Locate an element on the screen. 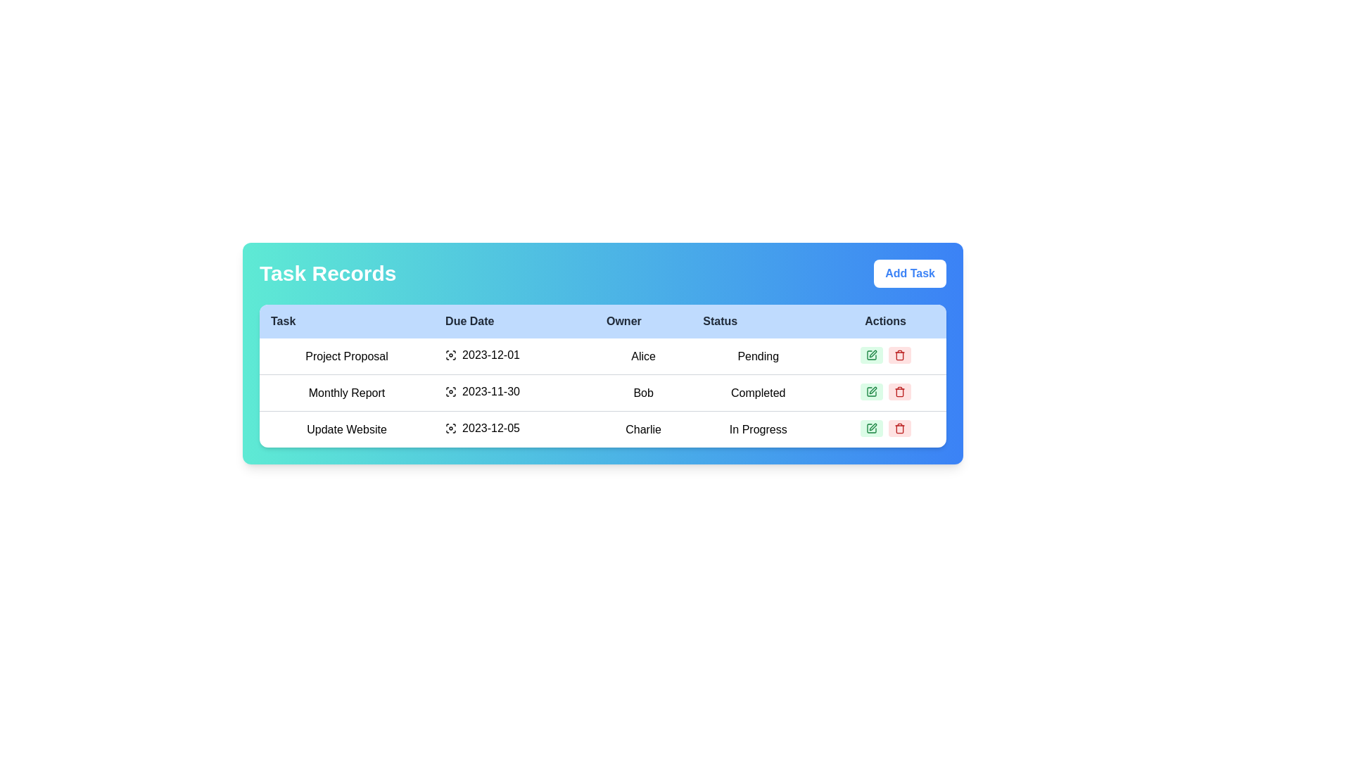 This screenshot has height=760, width=1351. the static text label displaying the name 'Bob', which indicates the owner of the task 'Monthly Report', located in the 'Owner' column of the second row is located at coordinates (642, 393).